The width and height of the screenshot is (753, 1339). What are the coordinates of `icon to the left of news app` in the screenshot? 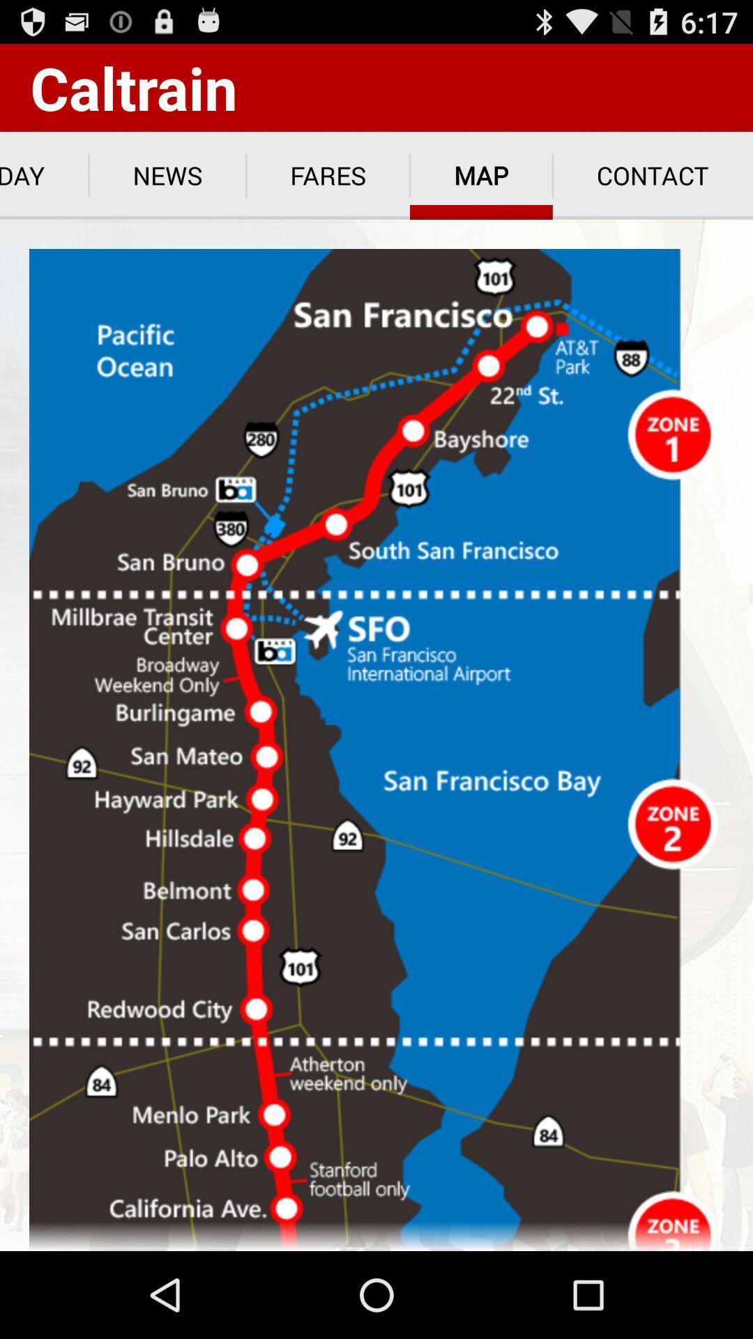 It's located at (43, 175).